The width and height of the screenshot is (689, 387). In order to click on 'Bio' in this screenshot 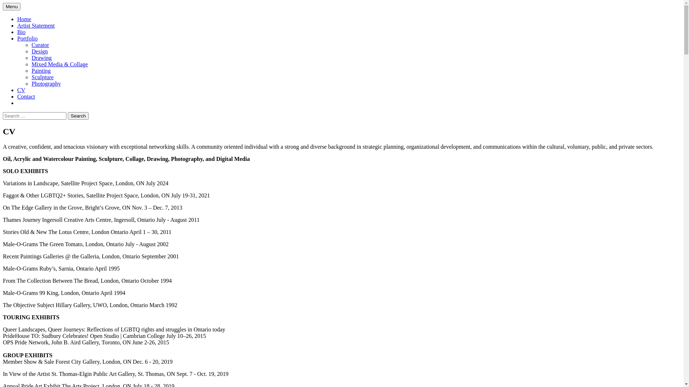, I will do `click(21, 32)`.